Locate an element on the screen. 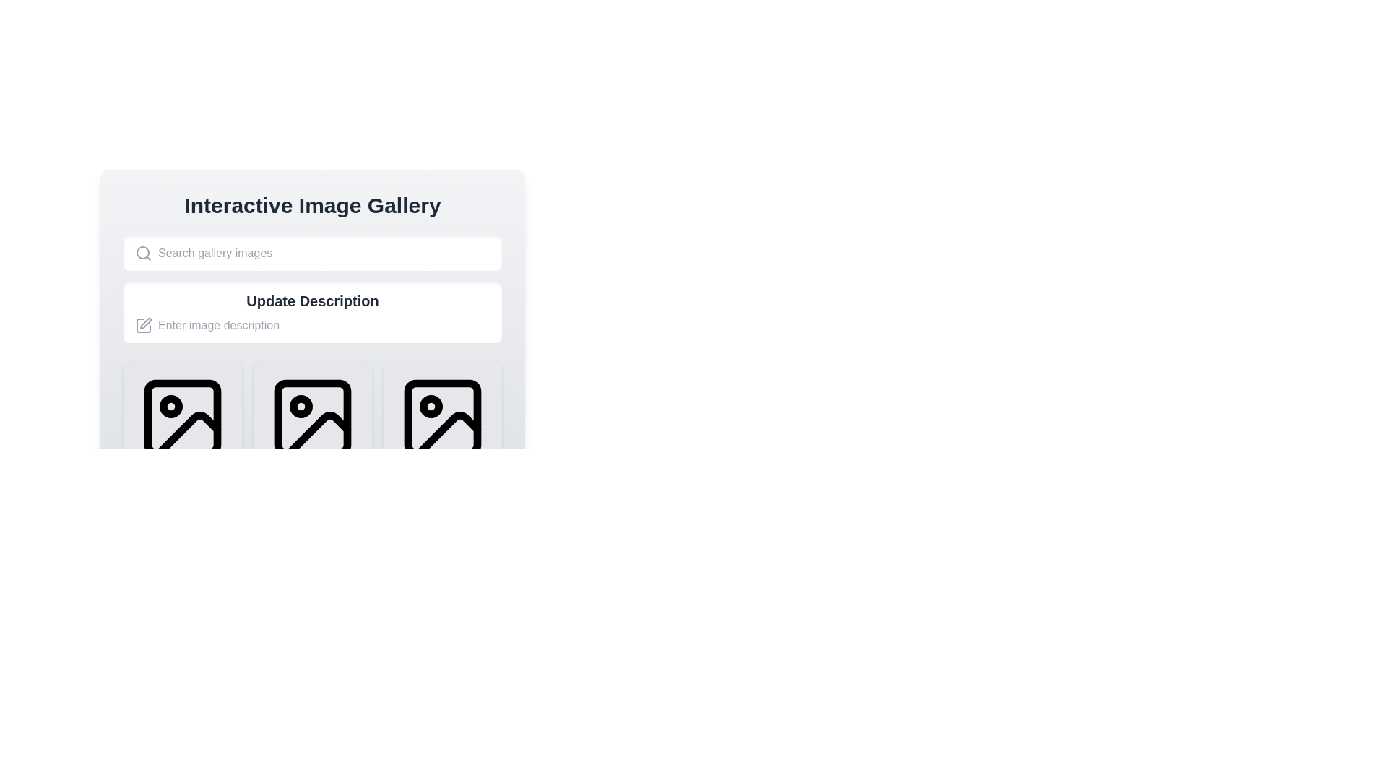 Image resolution: width=1387 pixels, height=780 pixels. the icon button located on the left side of the 'Update Description' section, adjacent to the input field for entering the image description is located at coordinates (143, 326).